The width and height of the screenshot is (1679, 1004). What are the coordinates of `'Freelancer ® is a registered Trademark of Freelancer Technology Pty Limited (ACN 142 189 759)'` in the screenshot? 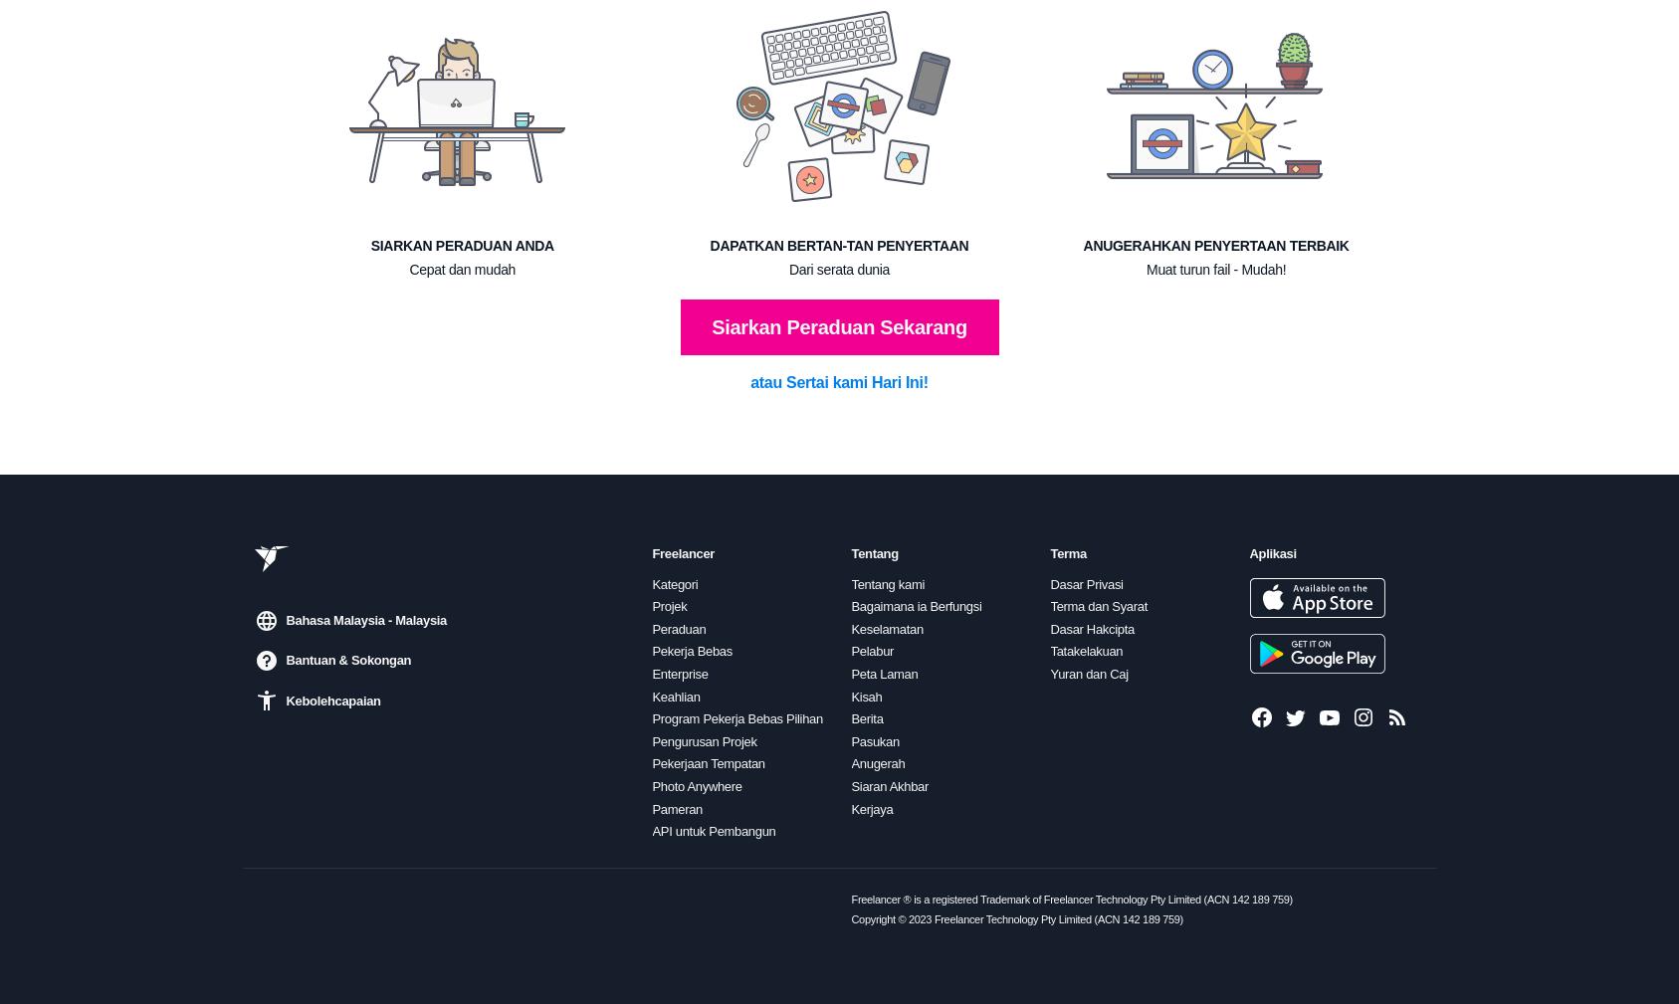 It's located at (1070, 898).